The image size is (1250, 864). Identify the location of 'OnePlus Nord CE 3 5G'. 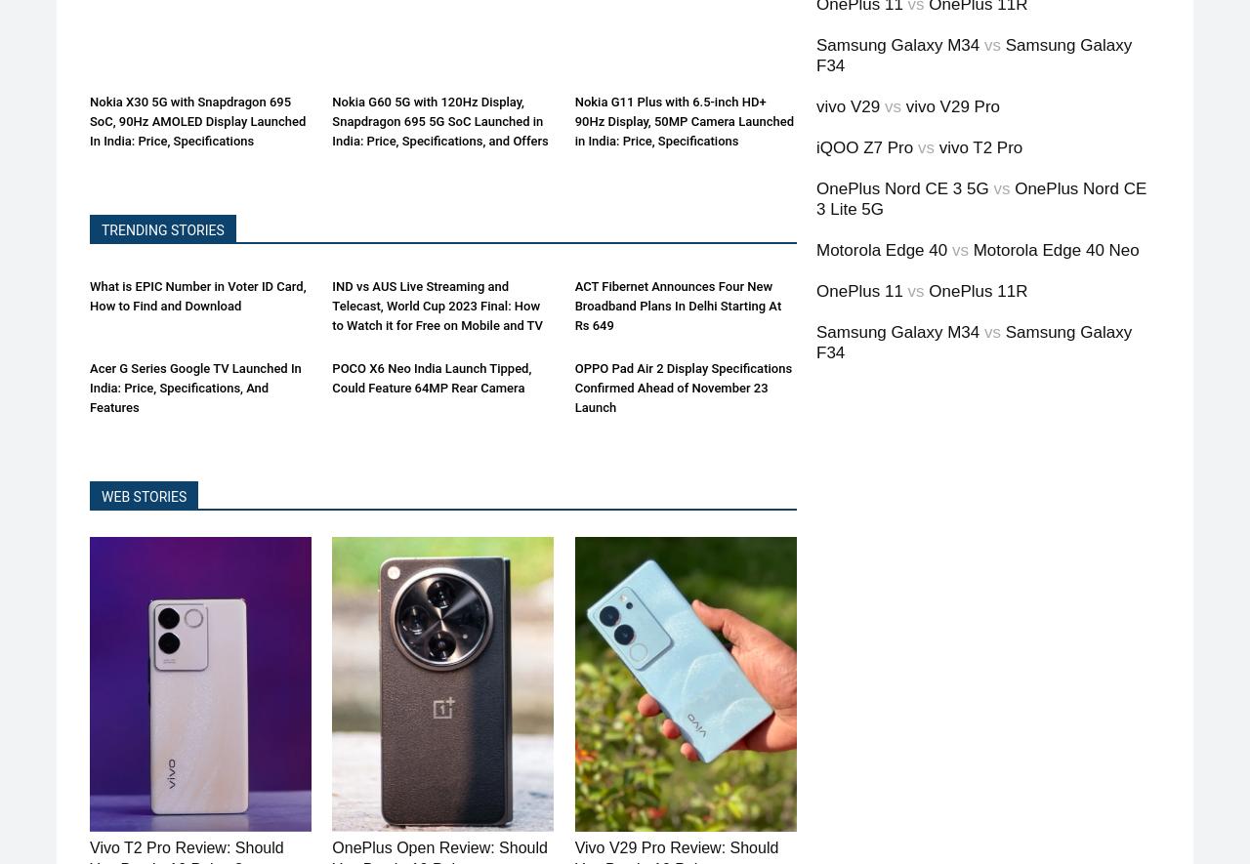
(901, 188).